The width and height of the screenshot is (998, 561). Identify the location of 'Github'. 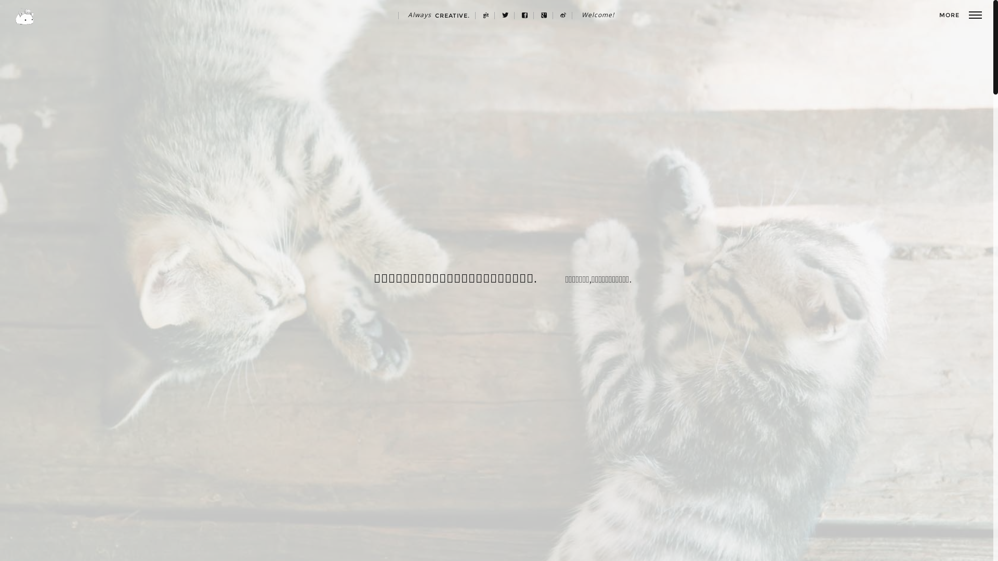
(485, 16).